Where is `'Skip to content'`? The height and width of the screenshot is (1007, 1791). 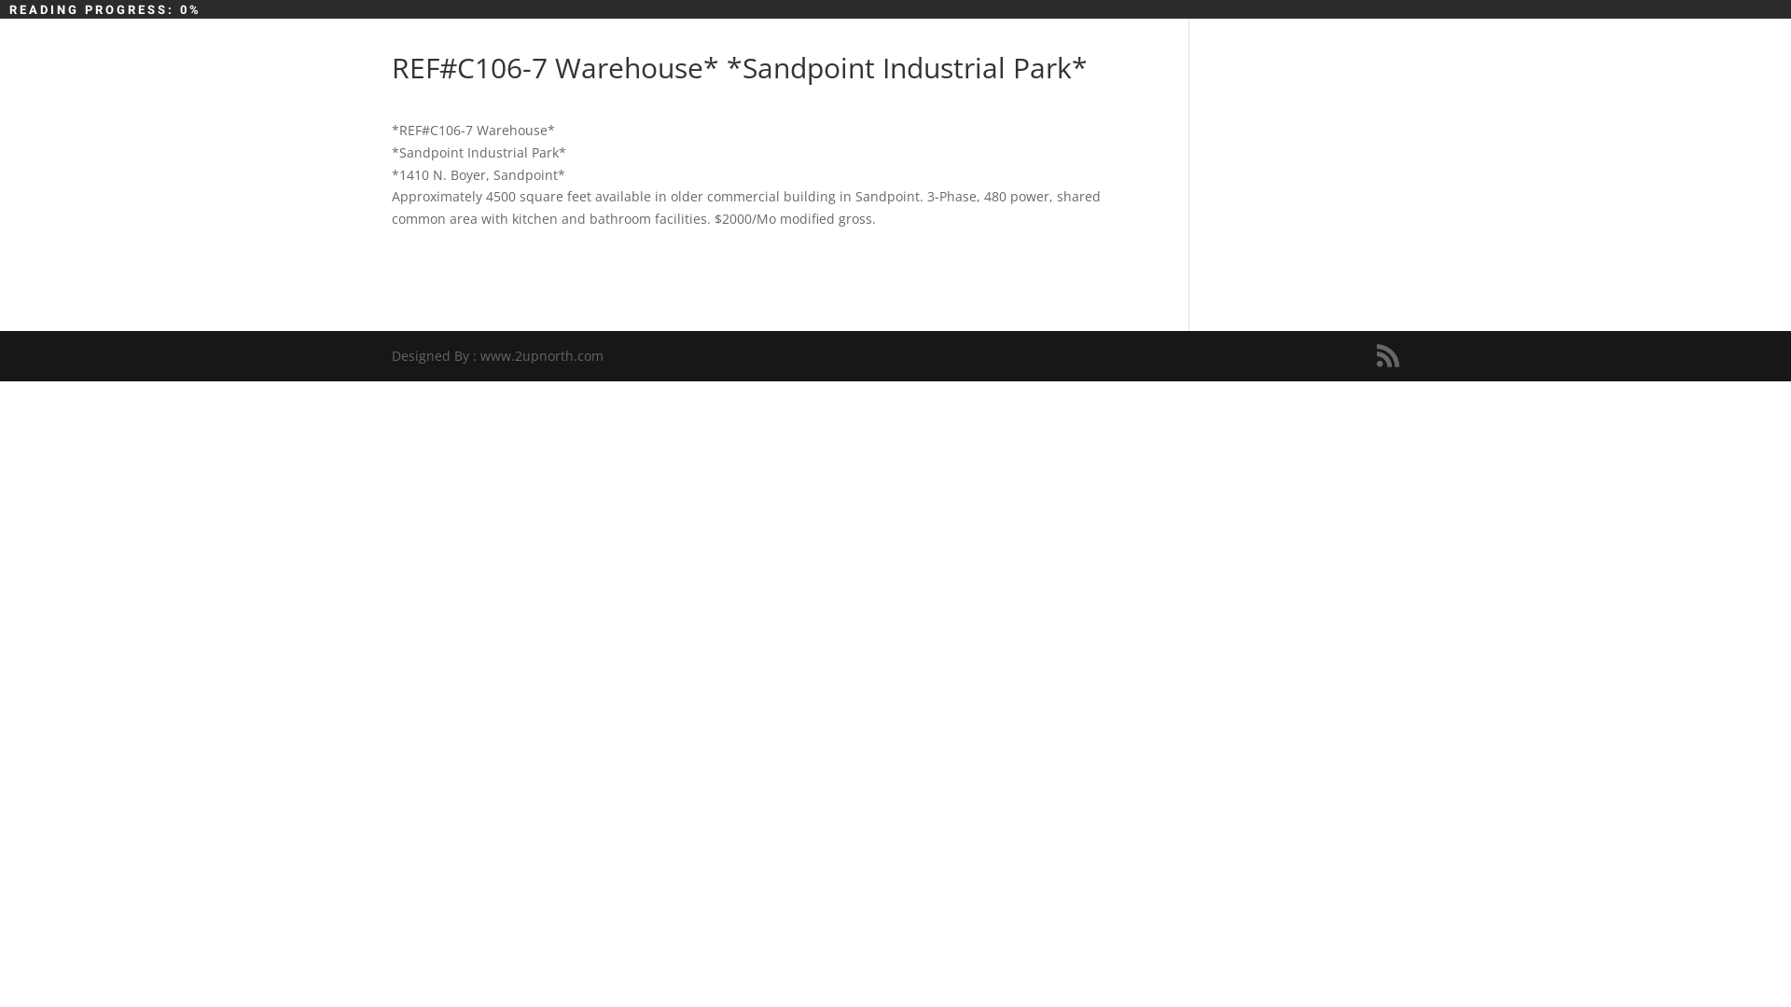
'Skip to content' is located at coordinates (0, 0).